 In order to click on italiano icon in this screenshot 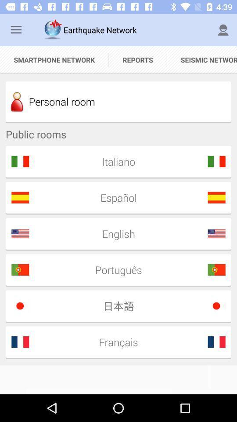, I will do `click(115, 161)`.